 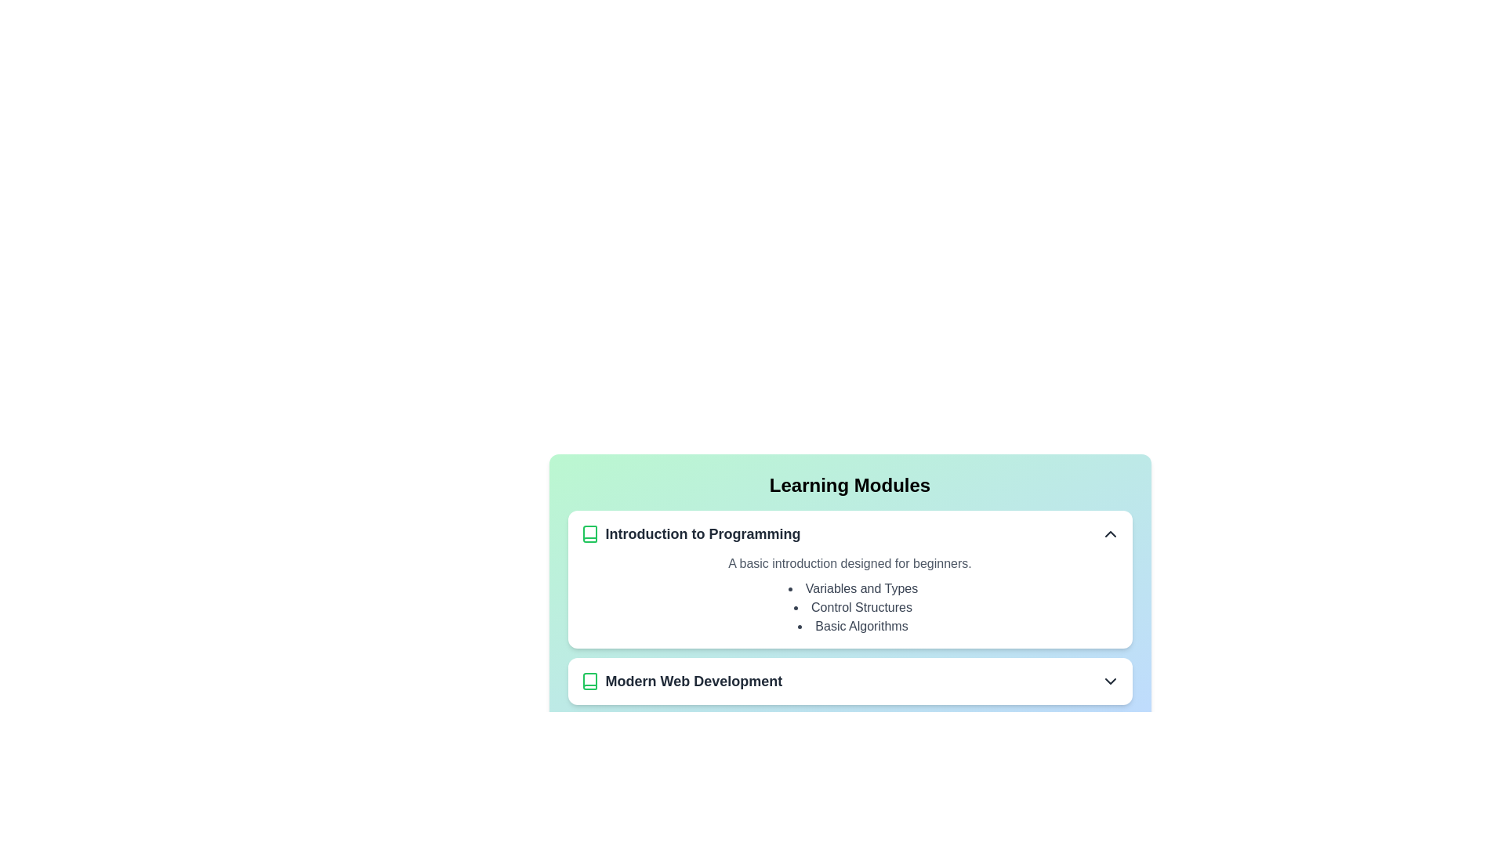 I want to click on the text labeled 'Basic Algorithms', which is the third bullet point in the 'Introduction to Programming' module's list of learning modules, so click(x=849, y=625).